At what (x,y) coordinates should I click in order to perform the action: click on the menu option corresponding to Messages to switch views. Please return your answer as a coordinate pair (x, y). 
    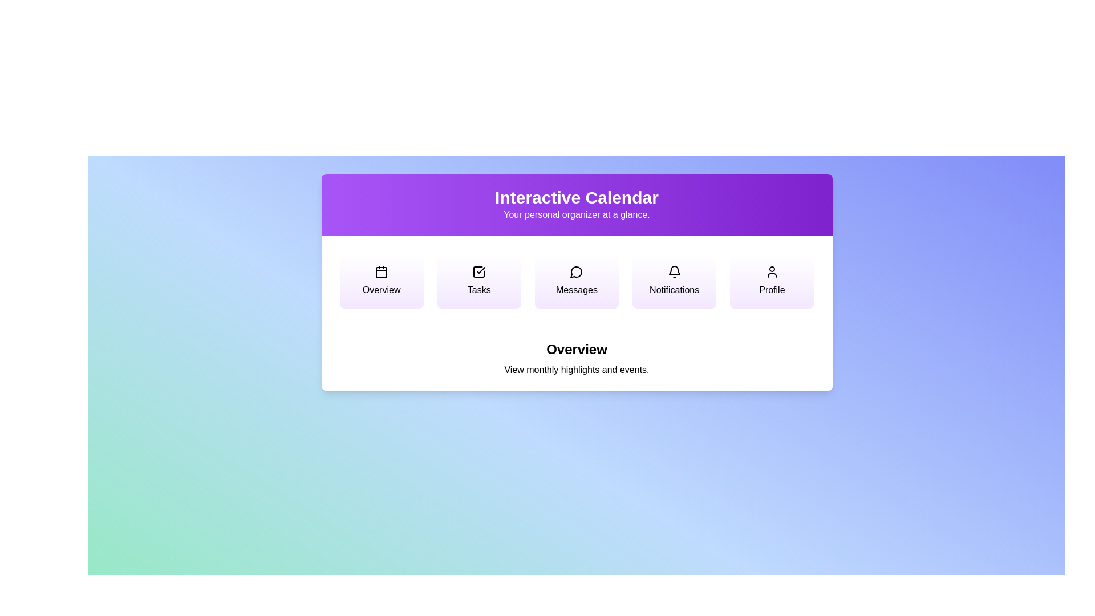
    Looking at the image, I should click on (577, 281).